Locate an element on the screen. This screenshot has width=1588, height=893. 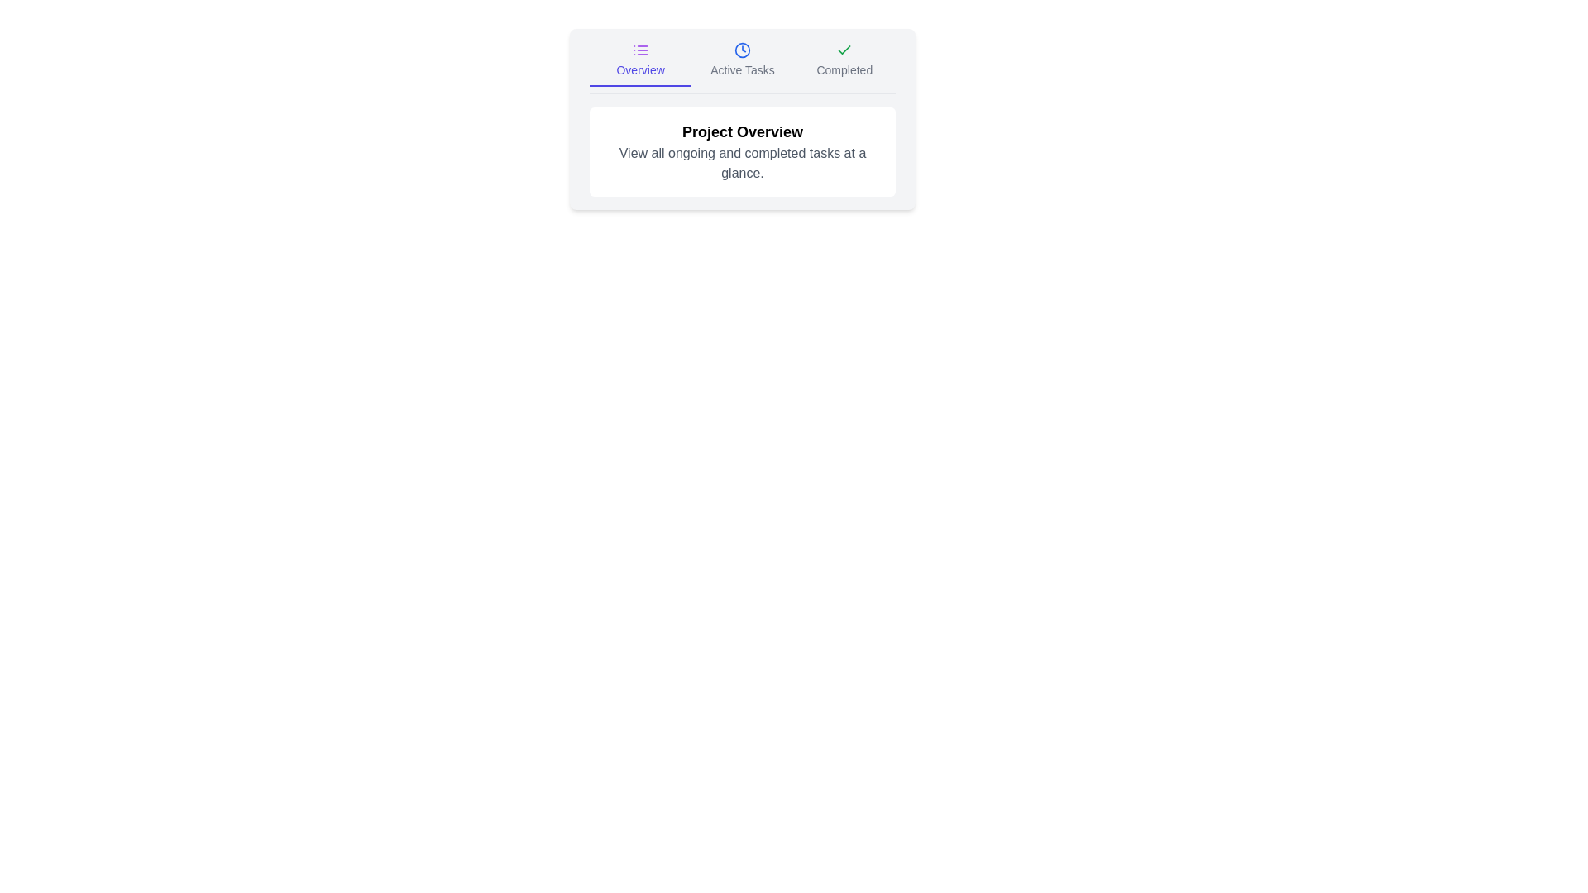
the Active Tasks tab is located at coordinates (741, 63).